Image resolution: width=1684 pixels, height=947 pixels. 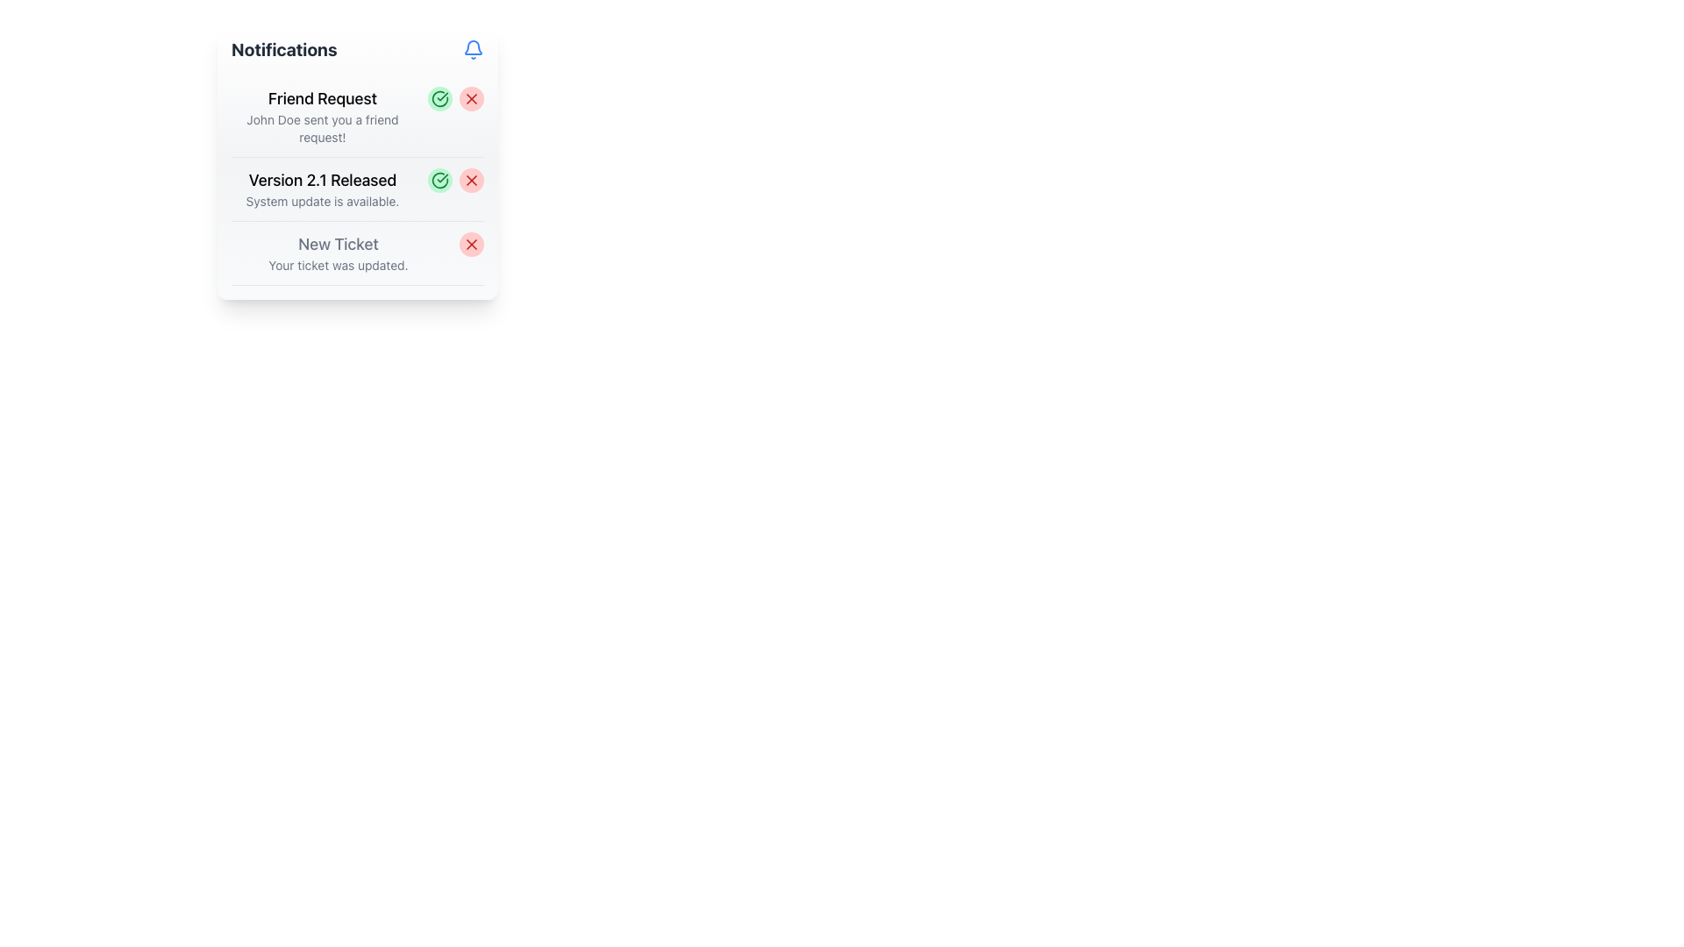 I want to click on the notification message indicating a new friend request, which is the first item under the 'Notifications' heading, so click(x=323, y=116).